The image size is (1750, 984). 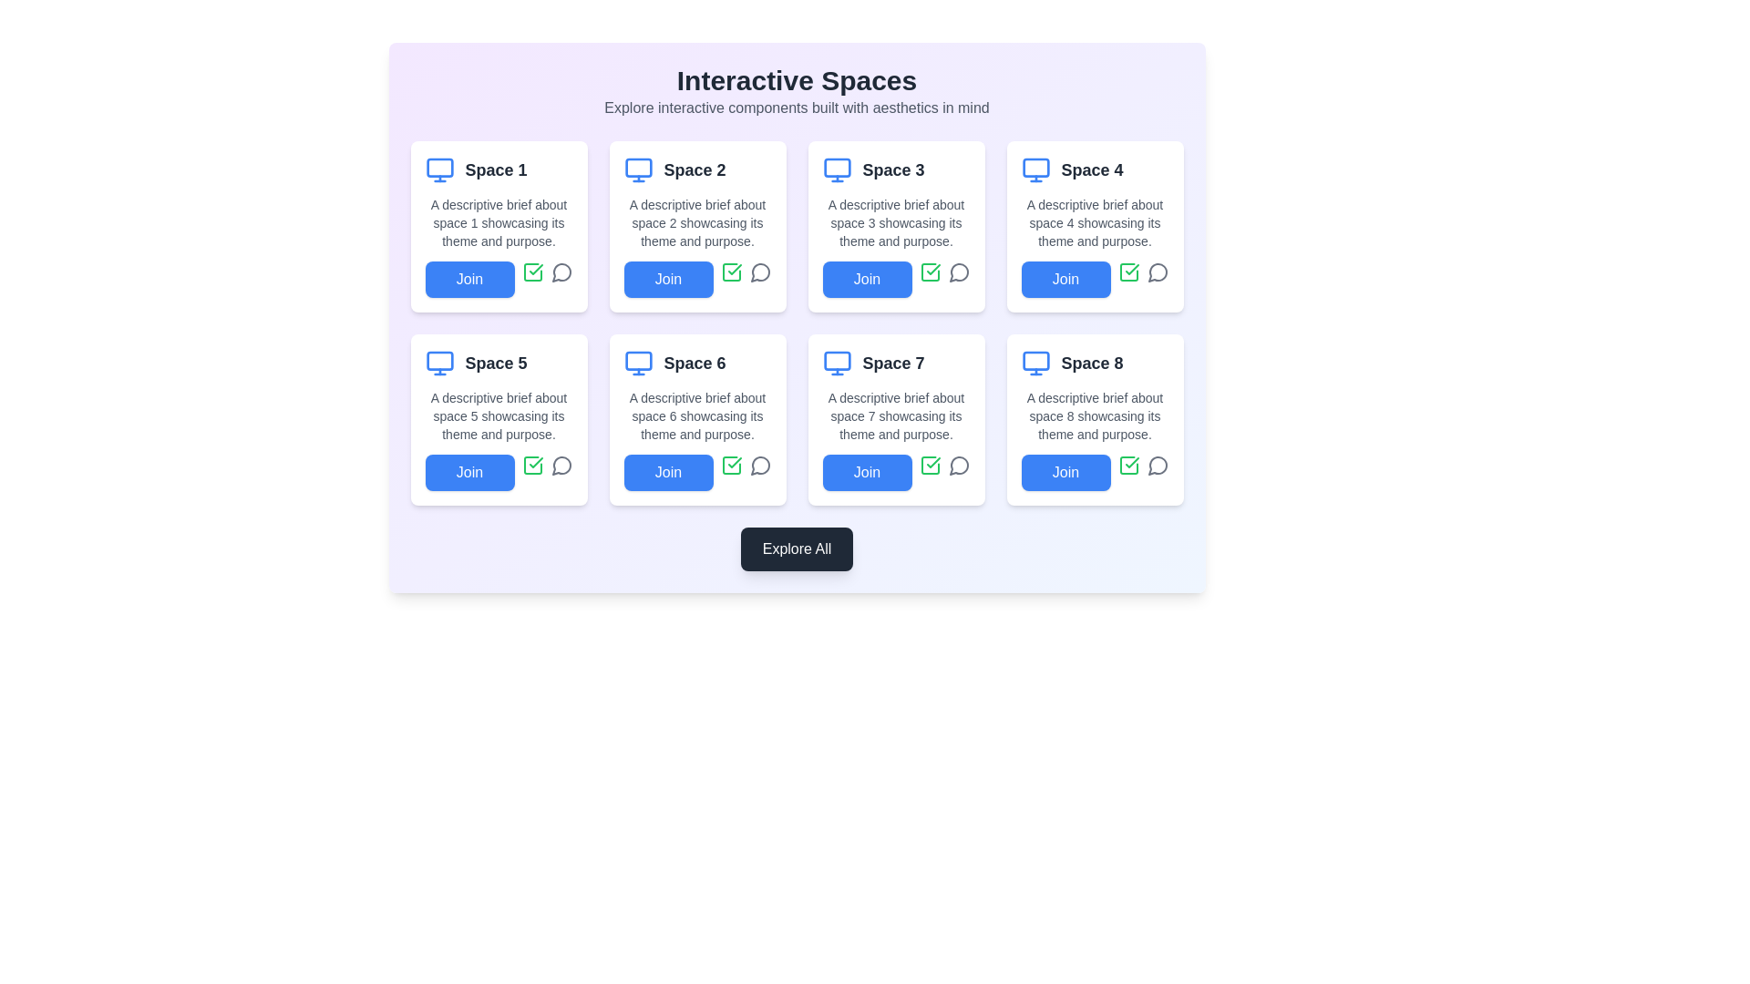 What do you see at coordinates (696, 169) in the screenshot?
I see `the card associated with the Text label located in the upper-middle section of the interface, specifically the second box in the first row of cards labeled with 'Space' titles` at bounding box center [696, 169].